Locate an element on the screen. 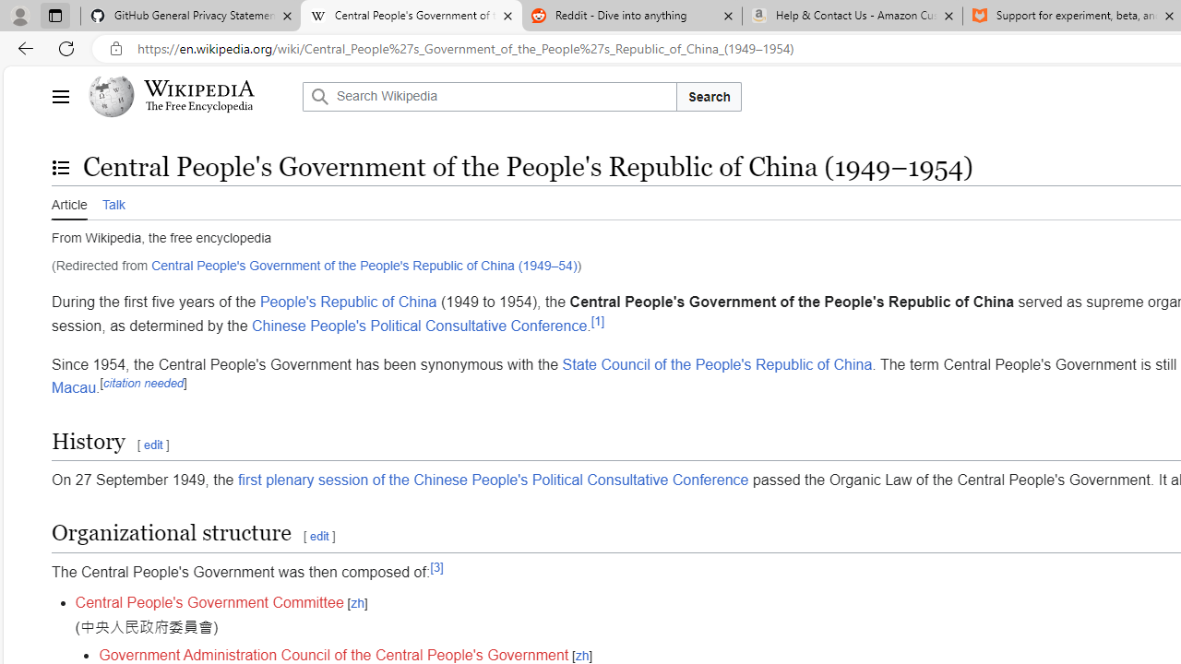 The width and height of the screenshot is (1181, 664). 'Main menu' is located at coordinates (60, 97).